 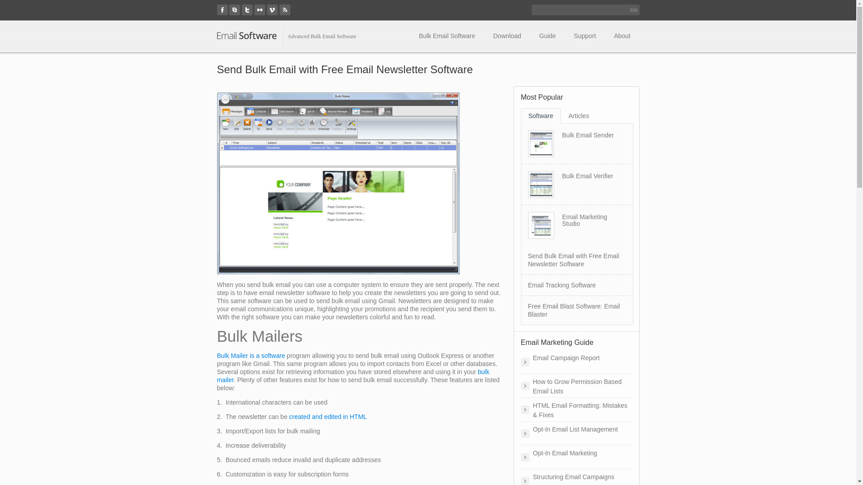 What do you see at coordinates (250, 355) in the screenshot?
I see `'Bulk Mailer is a software'` at bounding box center [250, 355].